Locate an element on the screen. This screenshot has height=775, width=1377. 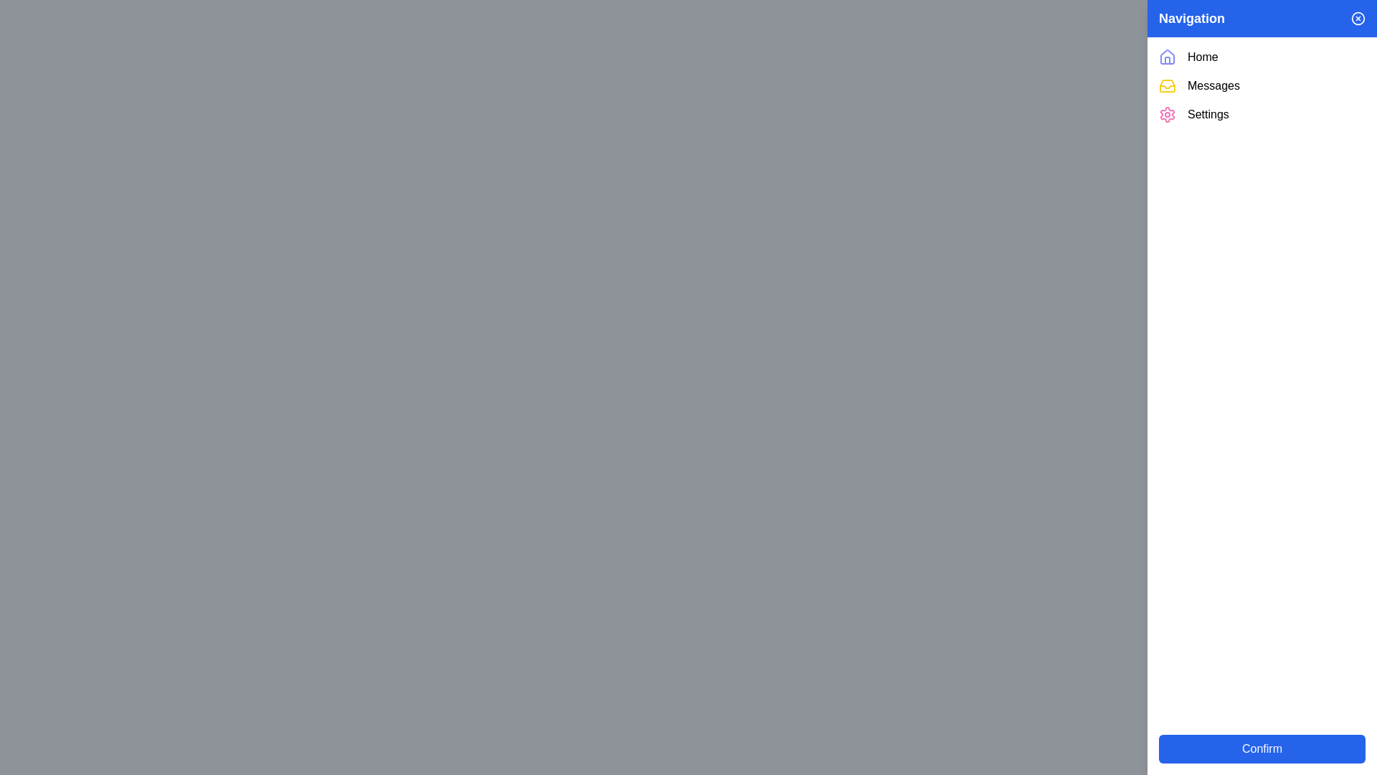
the inbox icon in the navigation menu is located at coordinates (1167, 85).